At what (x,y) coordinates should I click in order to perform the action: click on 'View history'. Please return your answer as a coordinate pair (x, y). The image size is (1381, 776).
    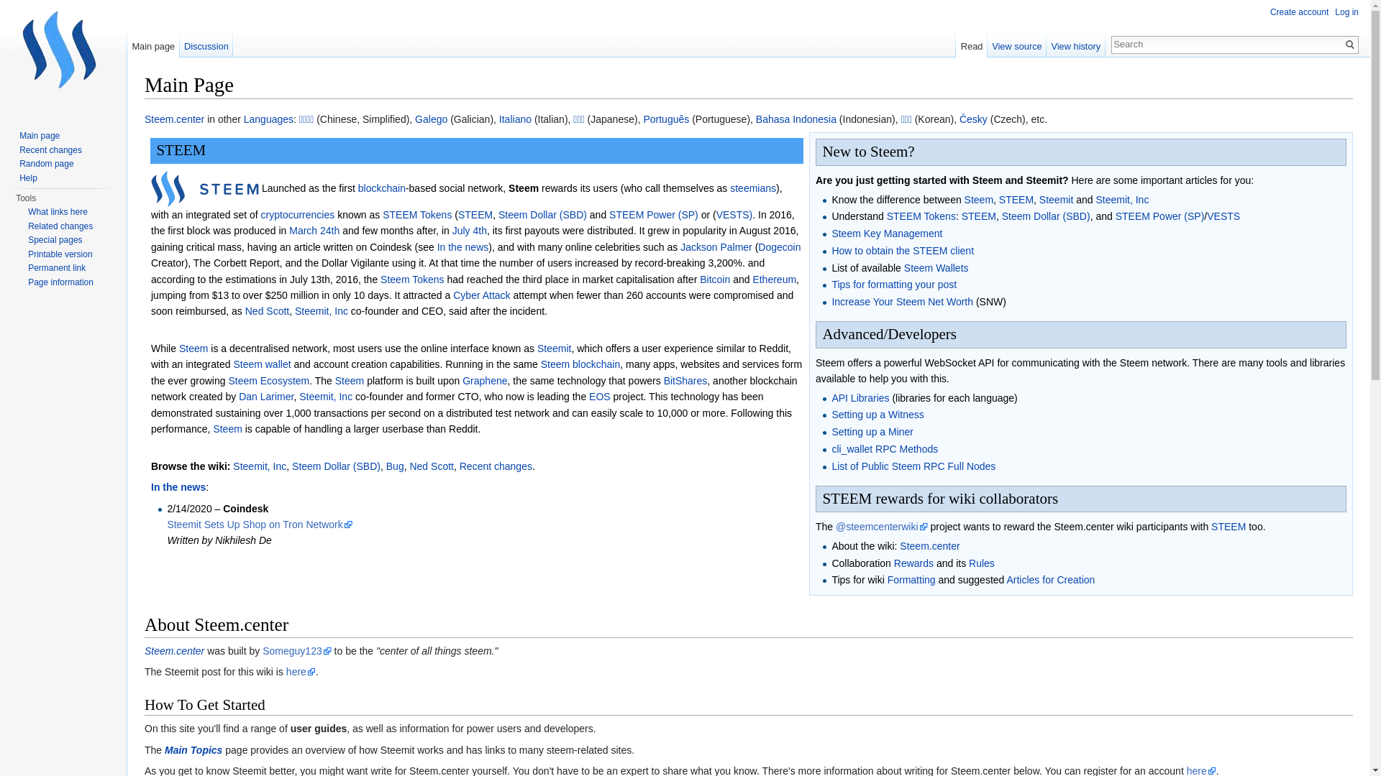
    Looking at the image, I should click on (1046, 42).